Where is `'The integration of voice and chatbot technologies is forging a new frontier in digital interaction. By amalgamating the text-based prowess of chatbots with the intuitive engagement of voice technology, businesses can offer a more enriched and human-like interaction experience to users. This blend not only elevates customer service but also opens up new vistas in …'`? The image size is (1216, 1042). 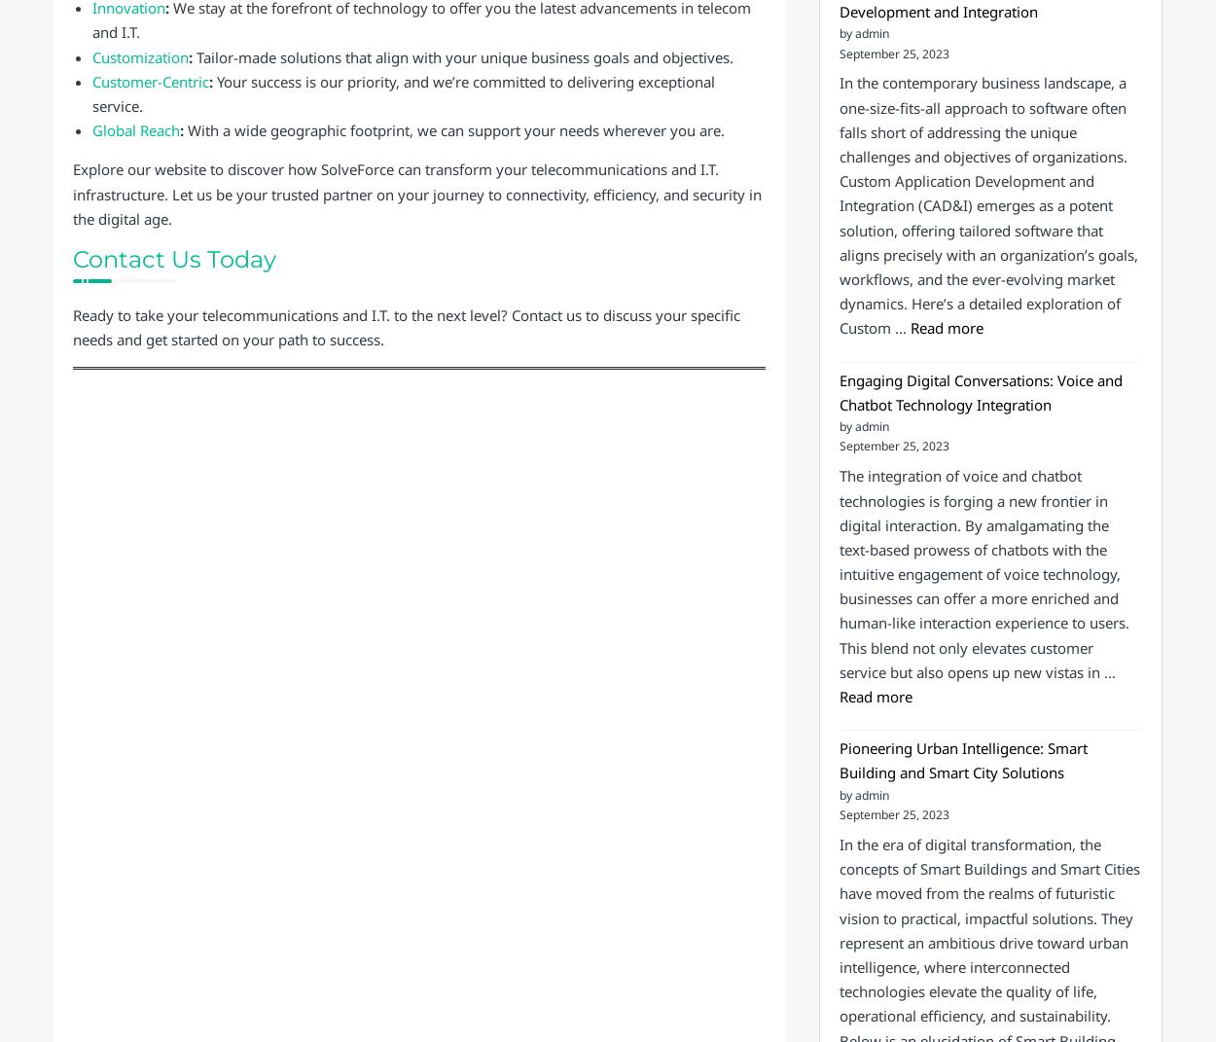
'The integration of voice and chatbot technologies is forging a new frontier in digital interaction. By amalgamating the text-based prowess of chatbots with the intuitive engagement of voice technology, businesses can offer a more enriched and human-like interaction experience to users. This blend not only elevates customer service but also opens up new vistas in …' is located at coordinates (984, 573).